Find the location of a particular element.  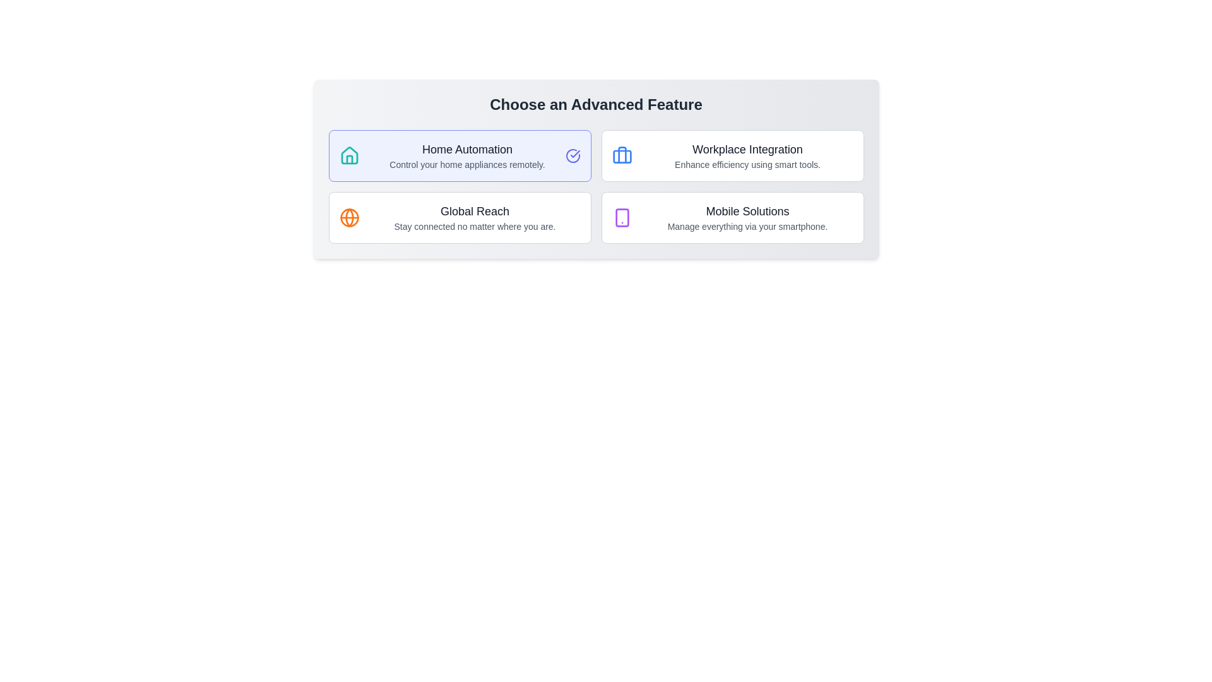

text label stating 'Home Automation' which is styled with a larger font size and medium weight, colored in dark gray, positioned above the descriptive text 'Control your home appliances remotely' is located at coordinates (466, 148).